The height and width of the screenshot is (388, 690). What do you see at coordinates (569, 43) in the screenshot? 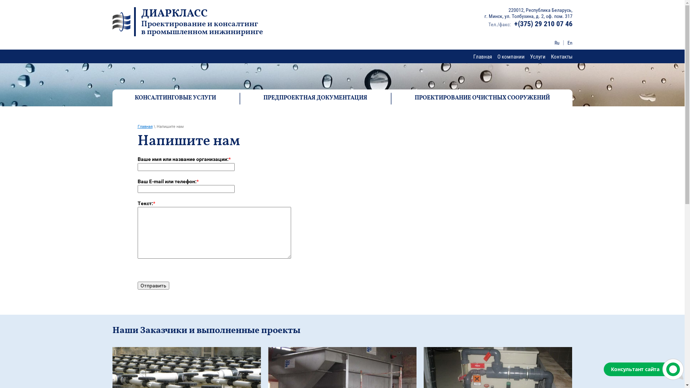
I see `'En'` at bounding box center [569, 43].